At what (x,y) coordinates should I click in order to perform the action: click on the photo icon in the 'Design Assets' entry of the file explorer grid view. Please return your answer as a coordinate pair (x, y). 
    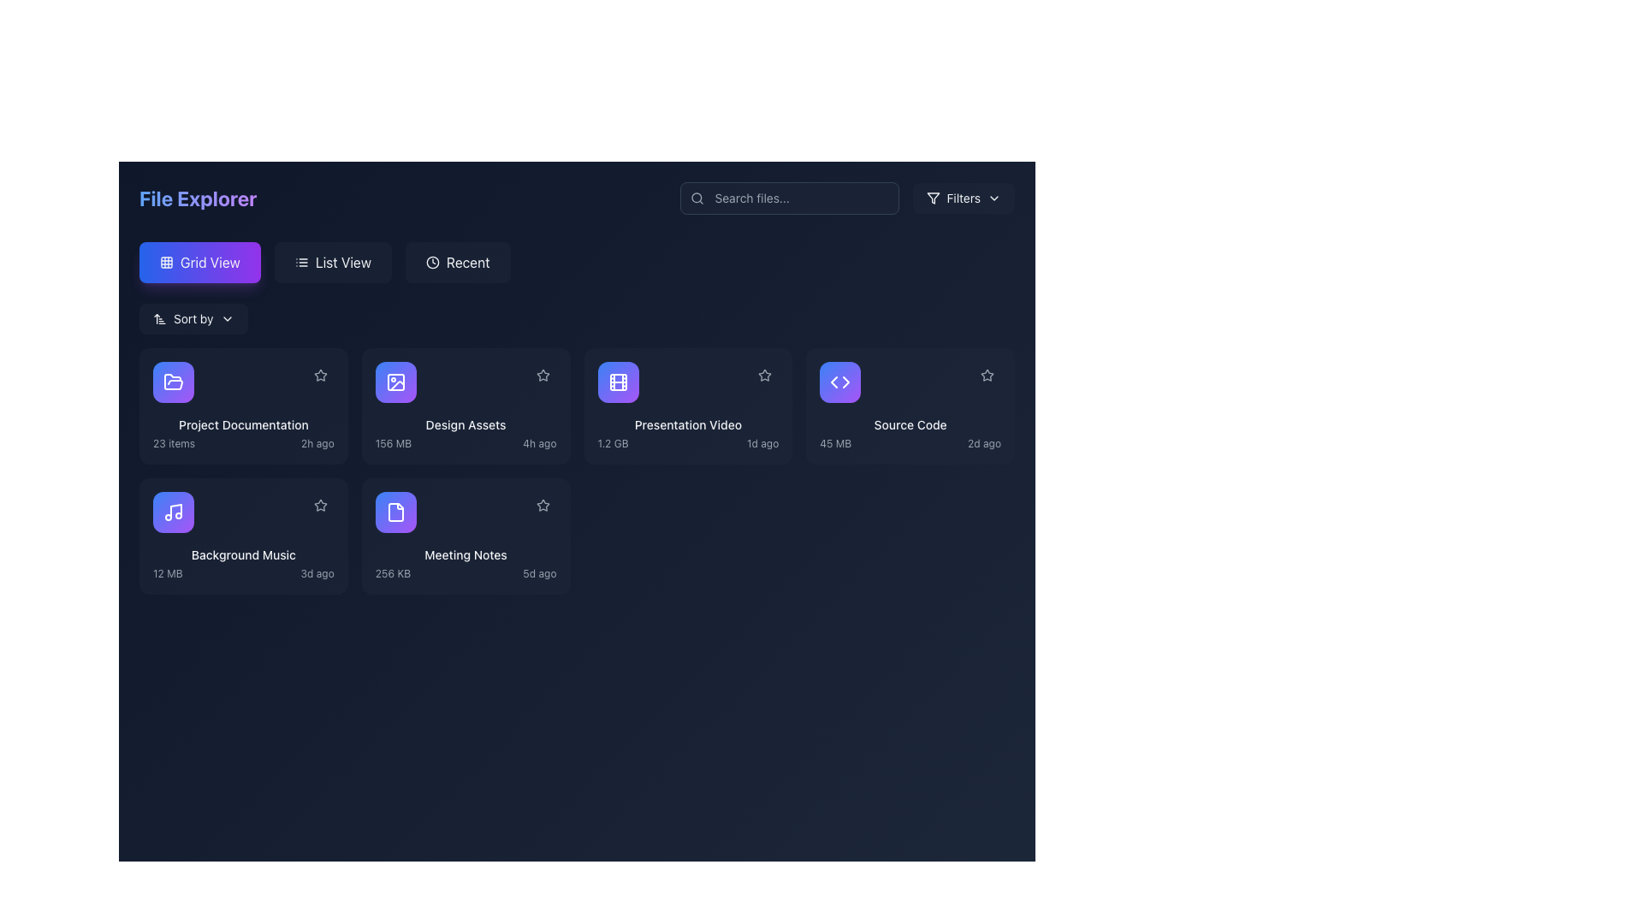
    Looking at the image, I should click on (394, 382).